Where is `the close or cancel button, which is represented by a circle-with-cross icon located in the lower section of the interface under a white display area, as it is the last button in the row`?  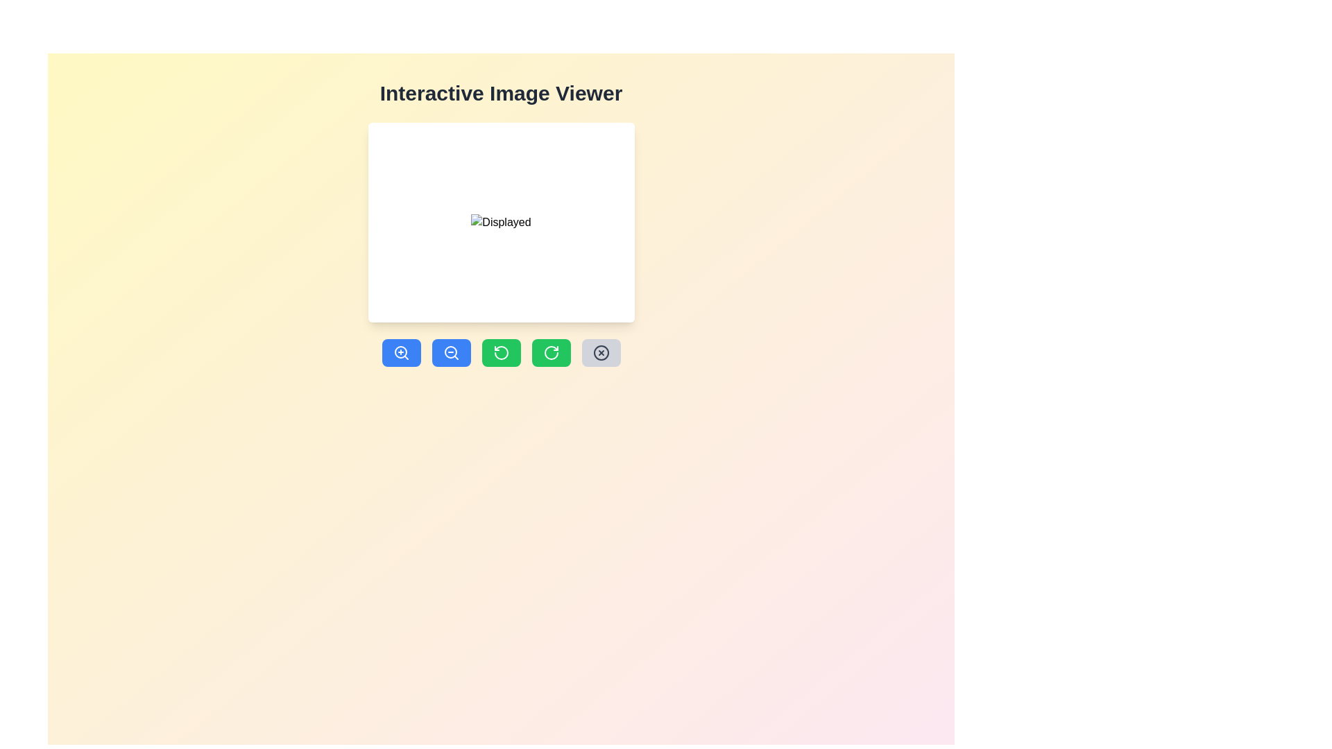 the close or cancel button, which is represented by a circle-with-cross icon located in the lower section of the interface under a white display area, as it is the last button in the row is located at coordinates (601, 352).